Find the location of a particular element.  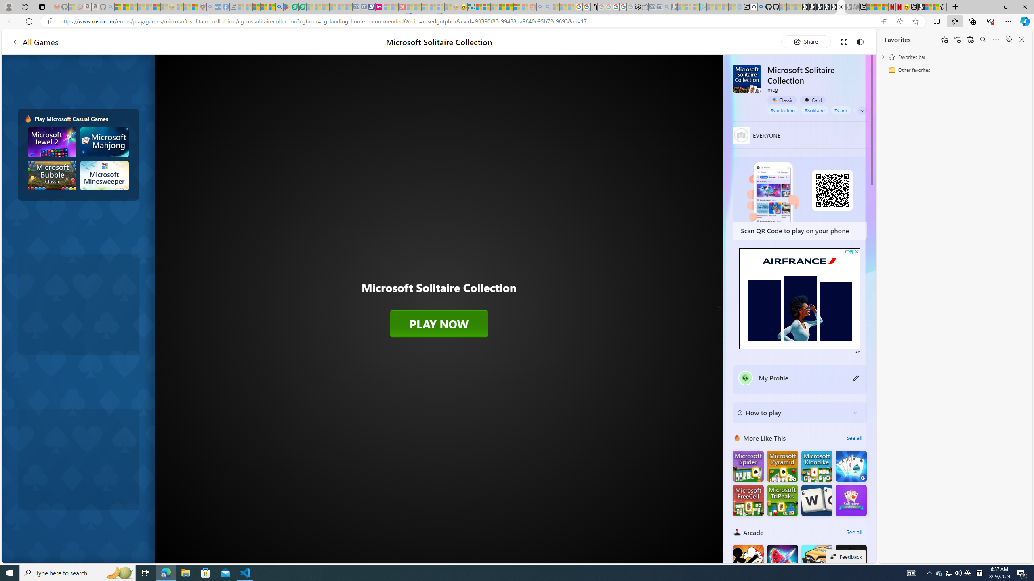

'Microsoft-Report a Concern to Bing - Sleeping' is located at coordinates (72, 6).